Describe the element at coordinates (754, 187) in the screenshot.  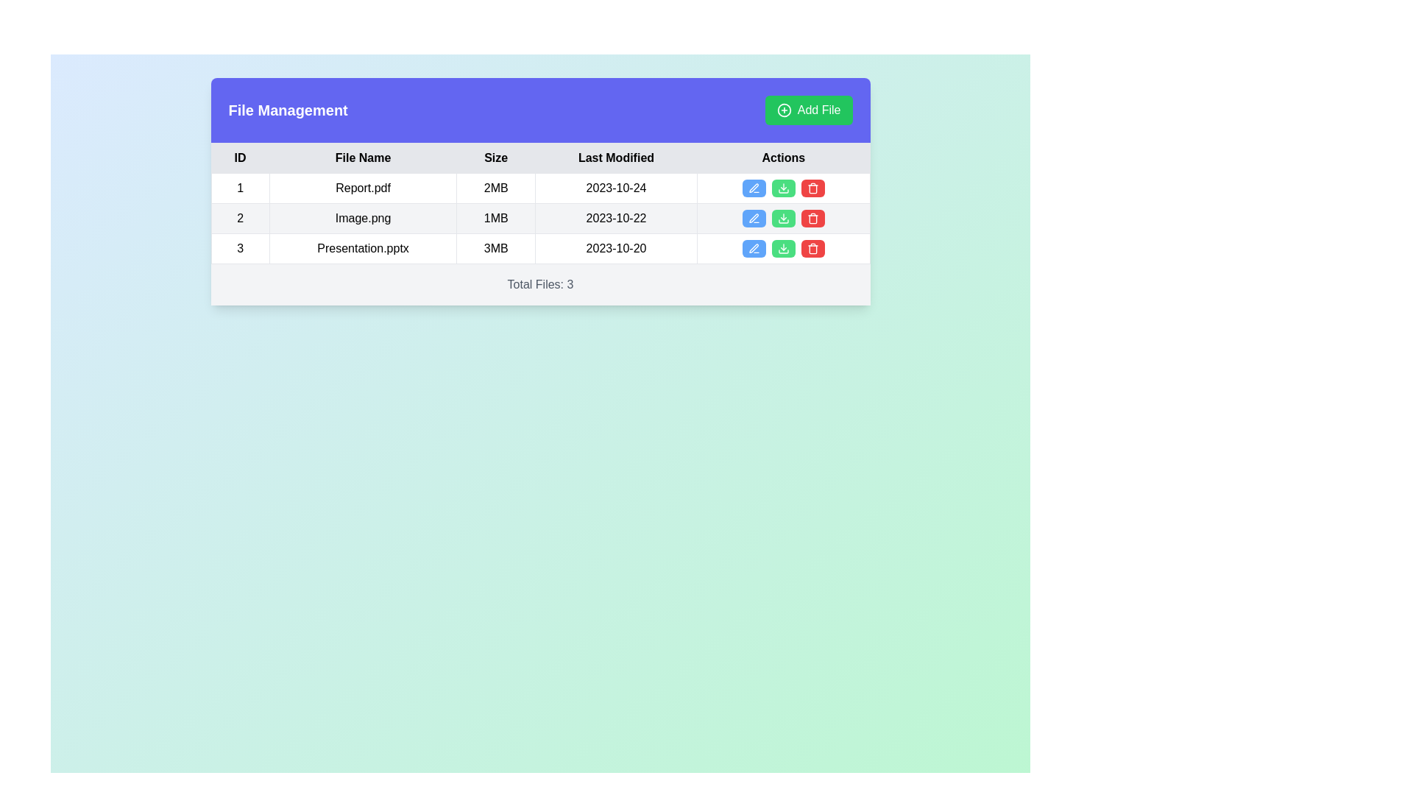
I see `the edit button located in the 'Actions' column of the first row in the table` at that location.